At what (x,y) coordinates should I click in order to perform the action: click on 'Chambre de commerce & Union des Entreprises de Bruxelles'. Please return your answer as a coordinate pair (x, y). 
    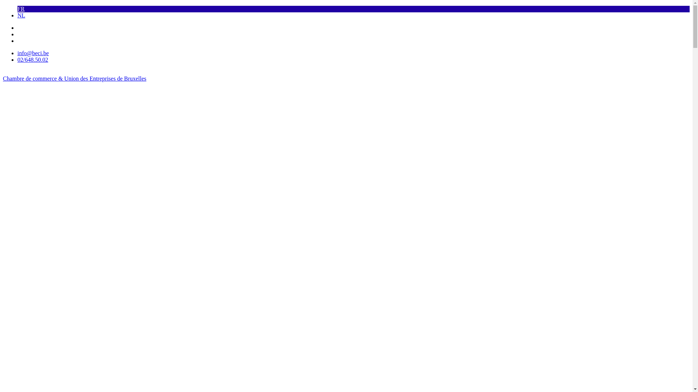
    Looking at the image, I should click on (75, 78).